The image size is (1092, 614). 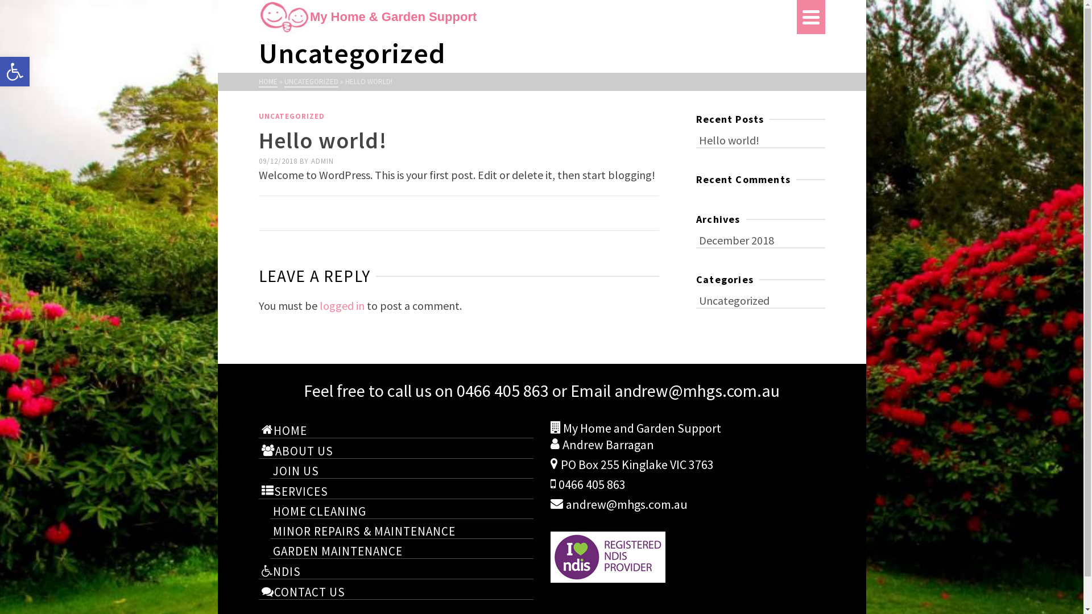 What do you see at coordinates (284, 81) in the screenshot?
I see `'UNCATEGORIZED'` at bounding box center [284, 81].